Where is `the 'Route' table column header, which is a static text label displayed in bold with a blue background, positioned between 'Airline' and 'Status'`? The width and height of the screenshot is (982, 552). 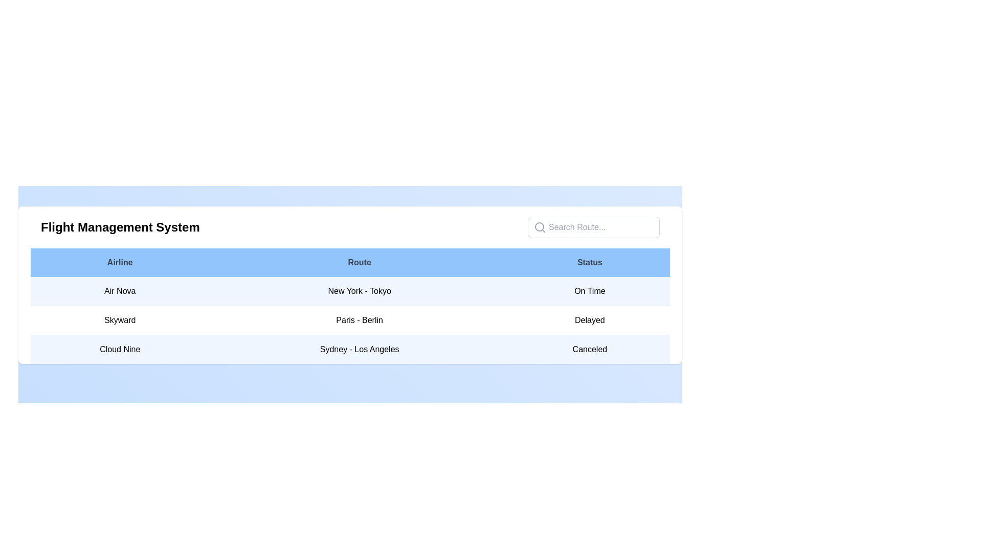 the 'Route' table column header, which is a static text label displayed in bold with a blue background, positioned between 'Airline' and 'Status' is located at coordinates (360, 262).